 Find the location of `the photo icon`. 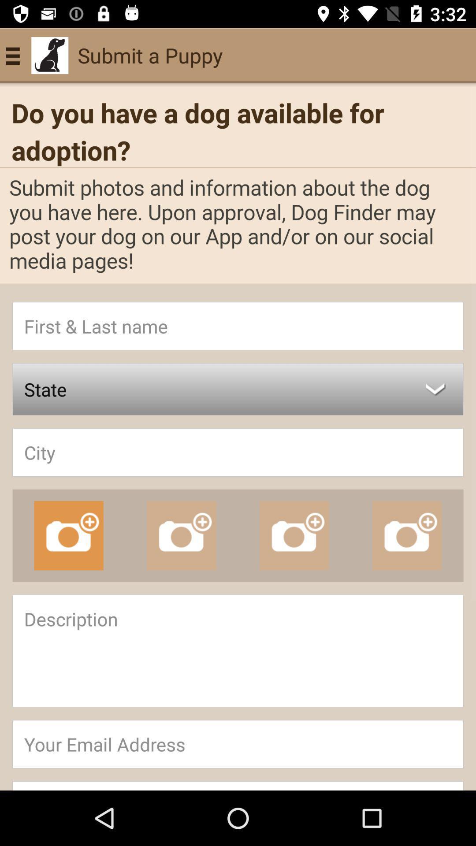

the photo icon is located at coordinates (181, 535).